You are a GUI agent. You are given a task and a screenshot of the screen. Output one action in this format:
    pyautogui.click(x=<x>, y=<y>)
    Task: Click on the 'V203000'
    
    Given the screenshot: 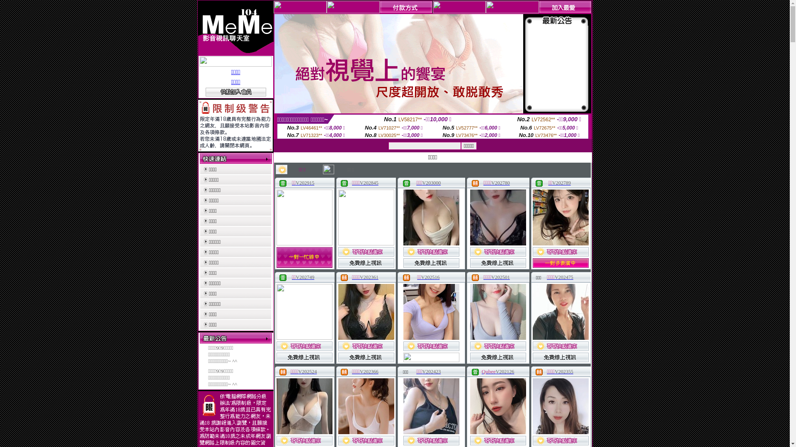 What is the action you would take?
    pyautogui.click(x=431, y=183)
    